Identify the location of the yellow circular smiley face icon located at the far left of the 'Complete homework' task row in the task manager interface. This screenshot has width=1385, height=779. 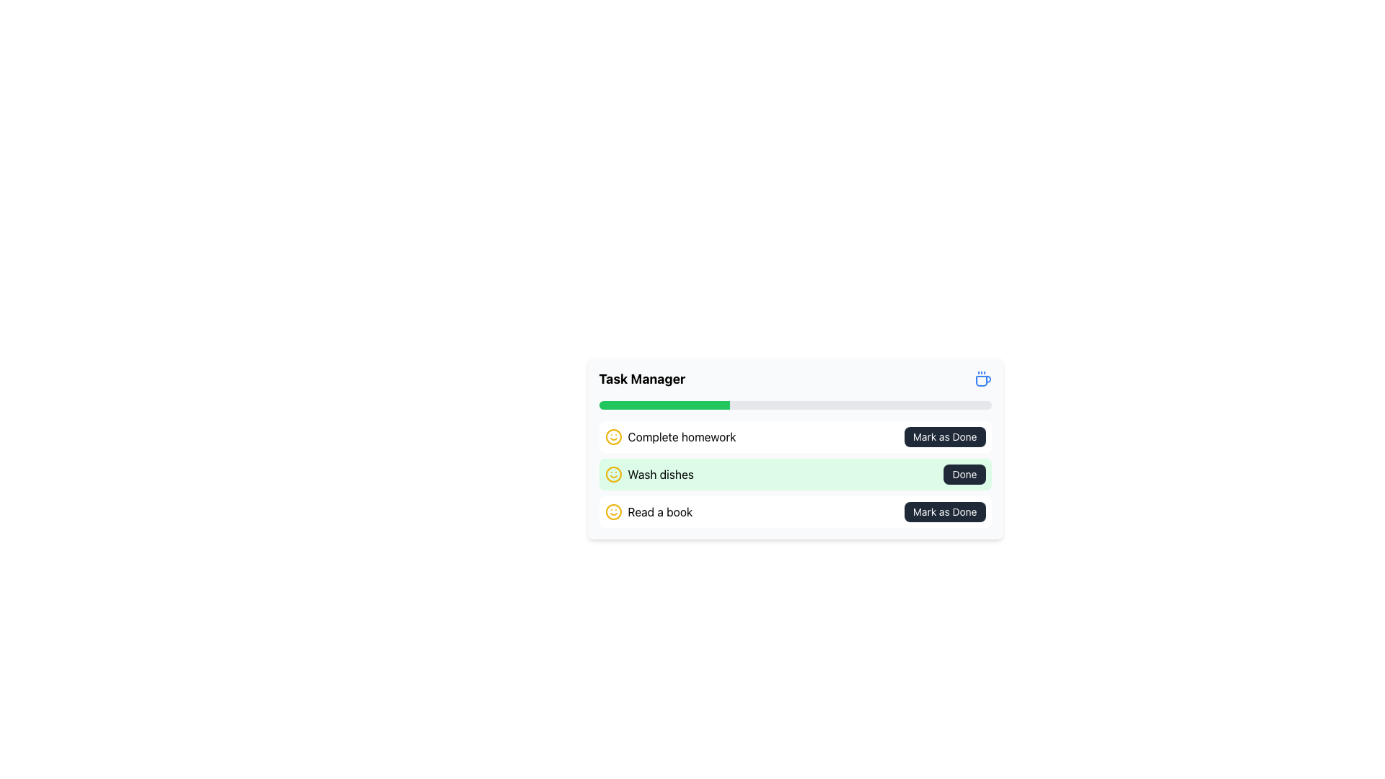
(613, 436).